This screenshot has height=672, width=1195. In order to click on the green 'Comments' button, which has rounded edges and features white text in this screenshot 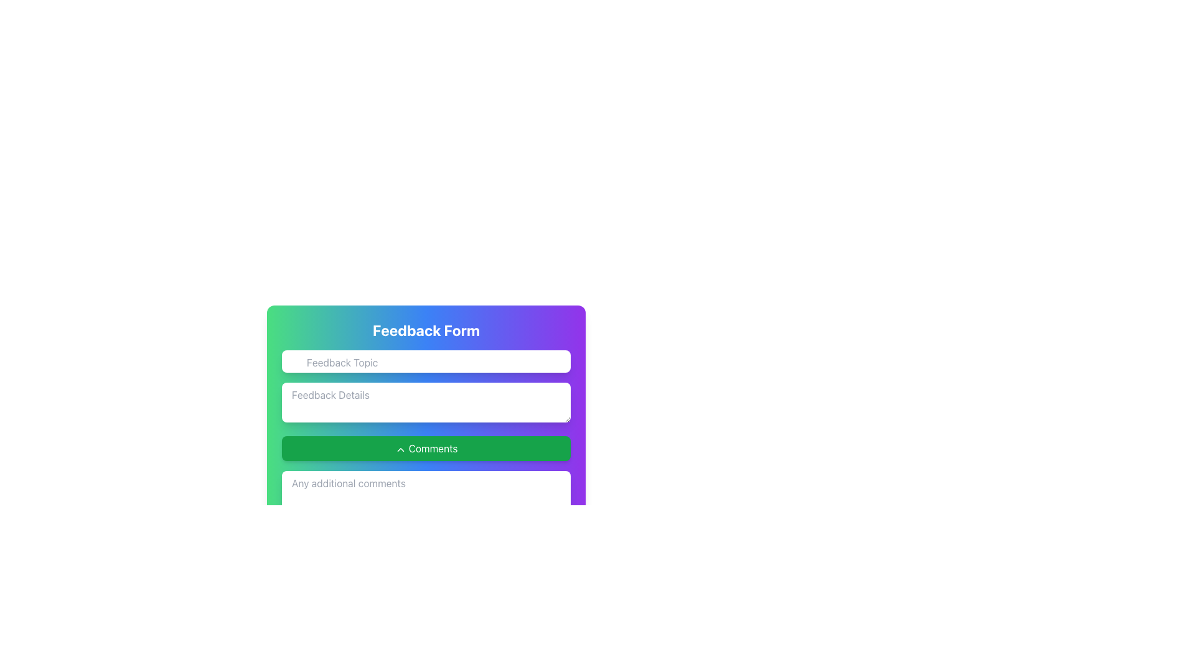, I will do `click(426, 449)`.